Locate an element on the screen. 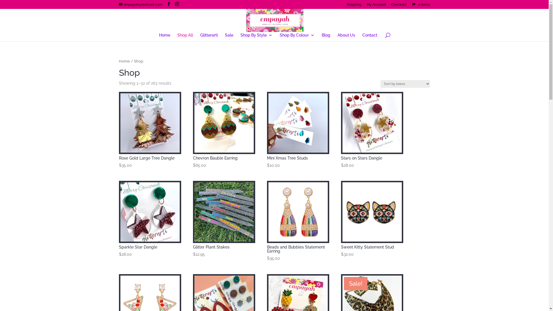 The image size is (553, 311). 'Mini Xmas Tree Studs is located at coordinates (298, 130).